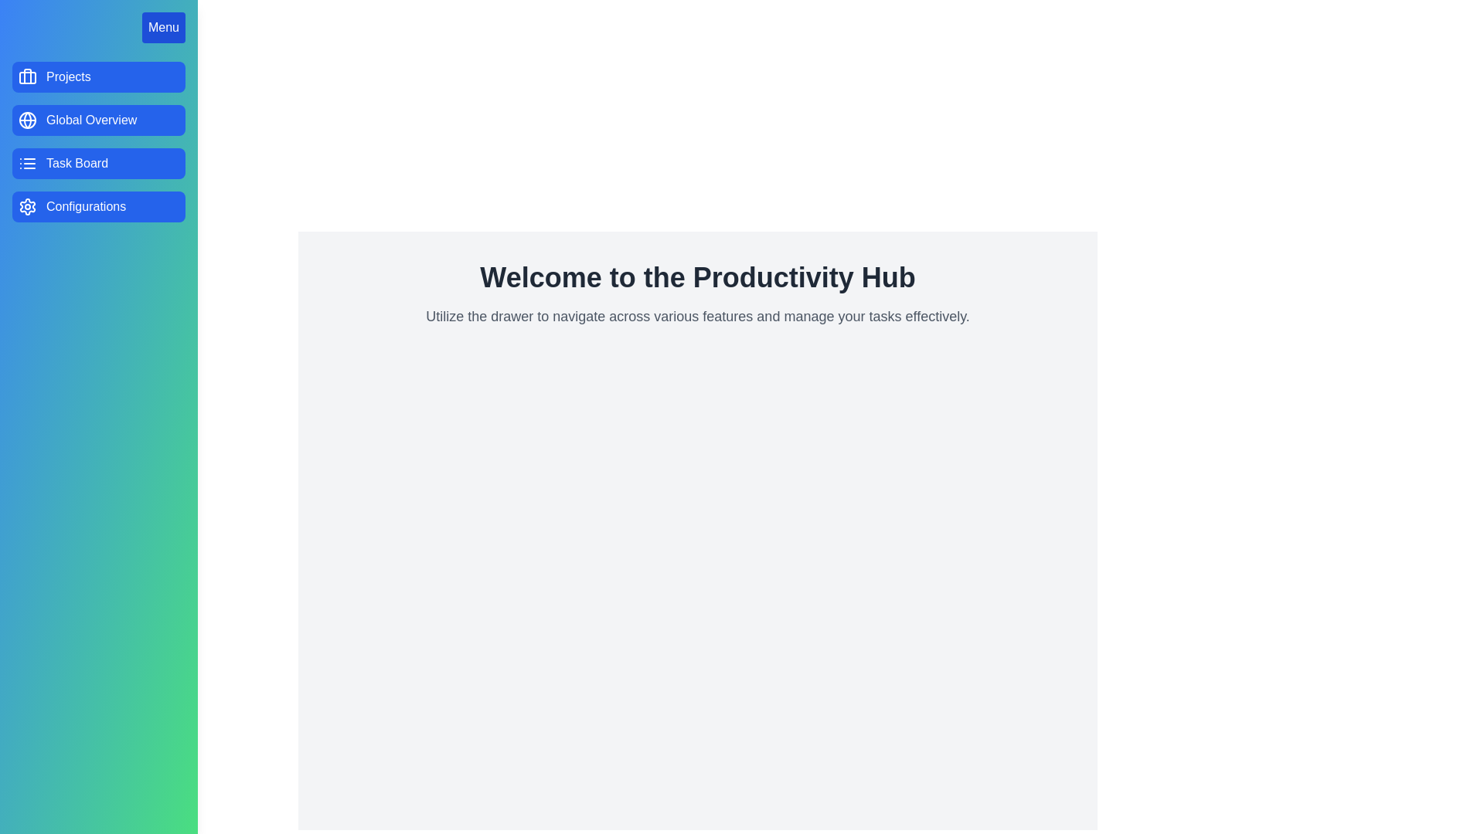 This screenshot has width=1484, height=834. Describe the element at coordinates (98, 119) in the screenshot. I see `the menu option Global Overview to provide visual feedback` at that location.